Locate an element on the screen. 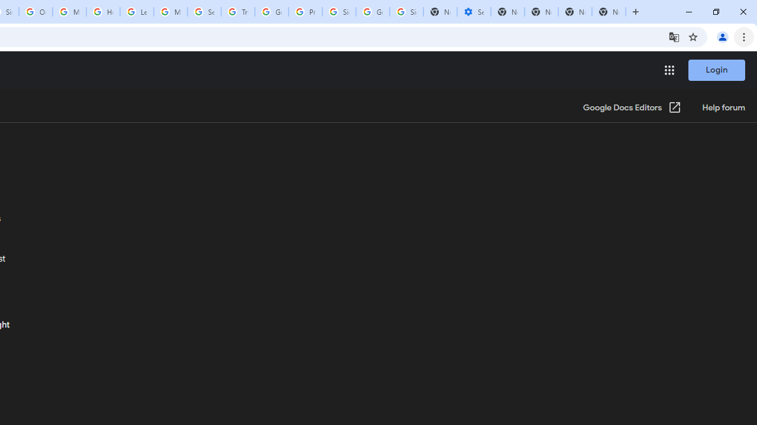 This screenshot has width=757, height=425. 'Help forum' is located at coordinates (723, 108).